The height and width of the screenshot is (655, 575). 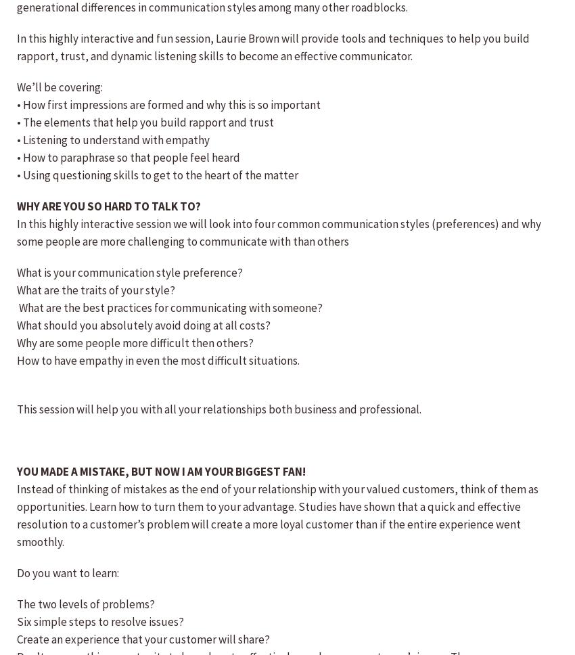 What do you see at coordinates (108, 206) in the screenshot?
I see `'WHY ARE YOU SO HARD TO TALK TO?'` at bounding box center [108, 206].